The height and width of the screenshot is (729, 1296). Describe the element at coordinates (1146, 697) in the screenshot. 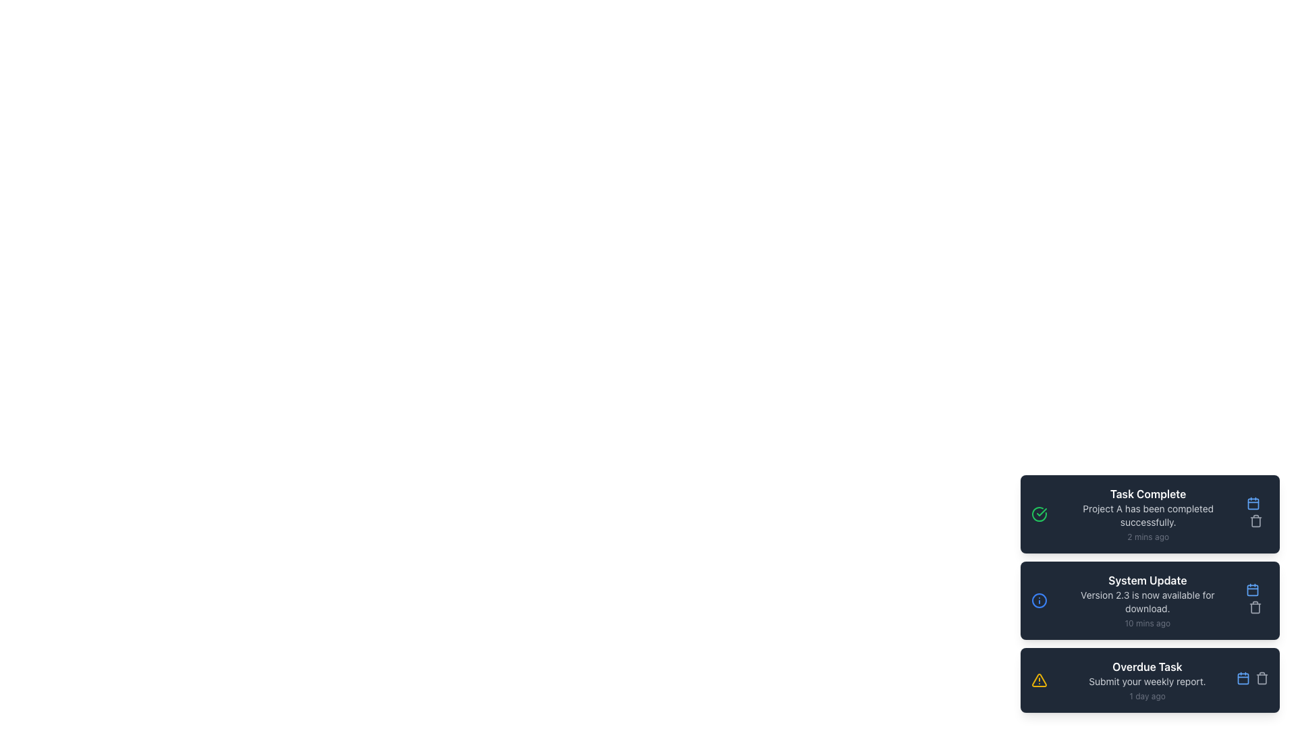

I see `timestamp text label that displays '1 day ago' located within the third card from the top, beneath the description 'Submit your weekly report'` at that location.